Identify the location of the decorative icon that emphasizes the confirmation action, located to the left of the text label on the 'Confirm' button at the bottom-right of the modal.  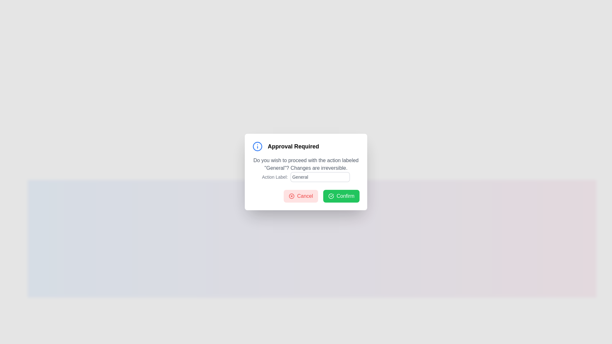
(331, 196).